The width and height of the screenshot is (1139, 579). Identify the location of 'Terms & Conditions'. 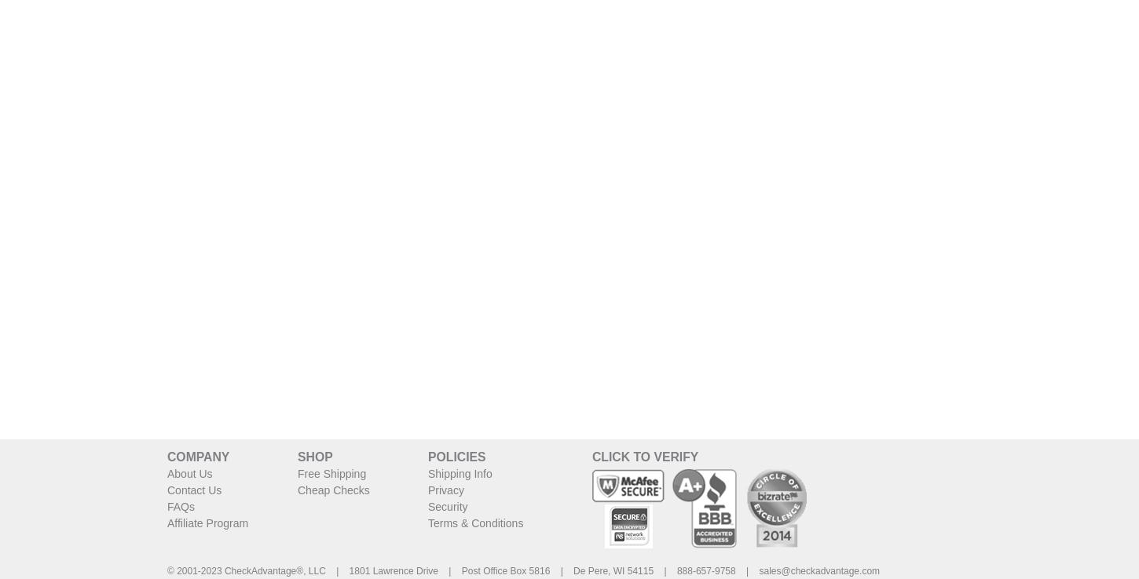
(474, 521).